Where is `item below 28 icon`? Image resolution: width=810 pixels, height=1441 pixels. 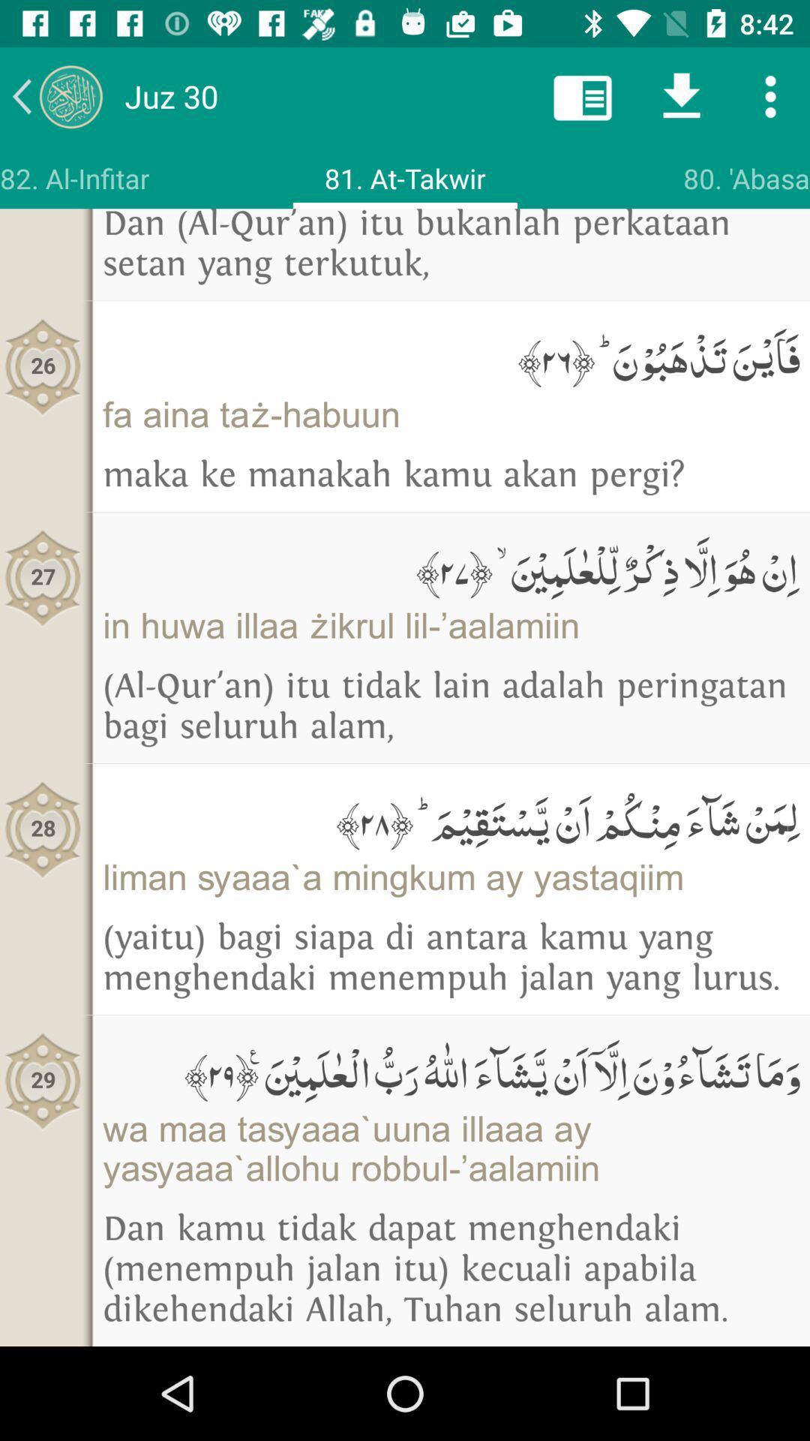
item below 28 icon is located at coordinates (42, 1081).